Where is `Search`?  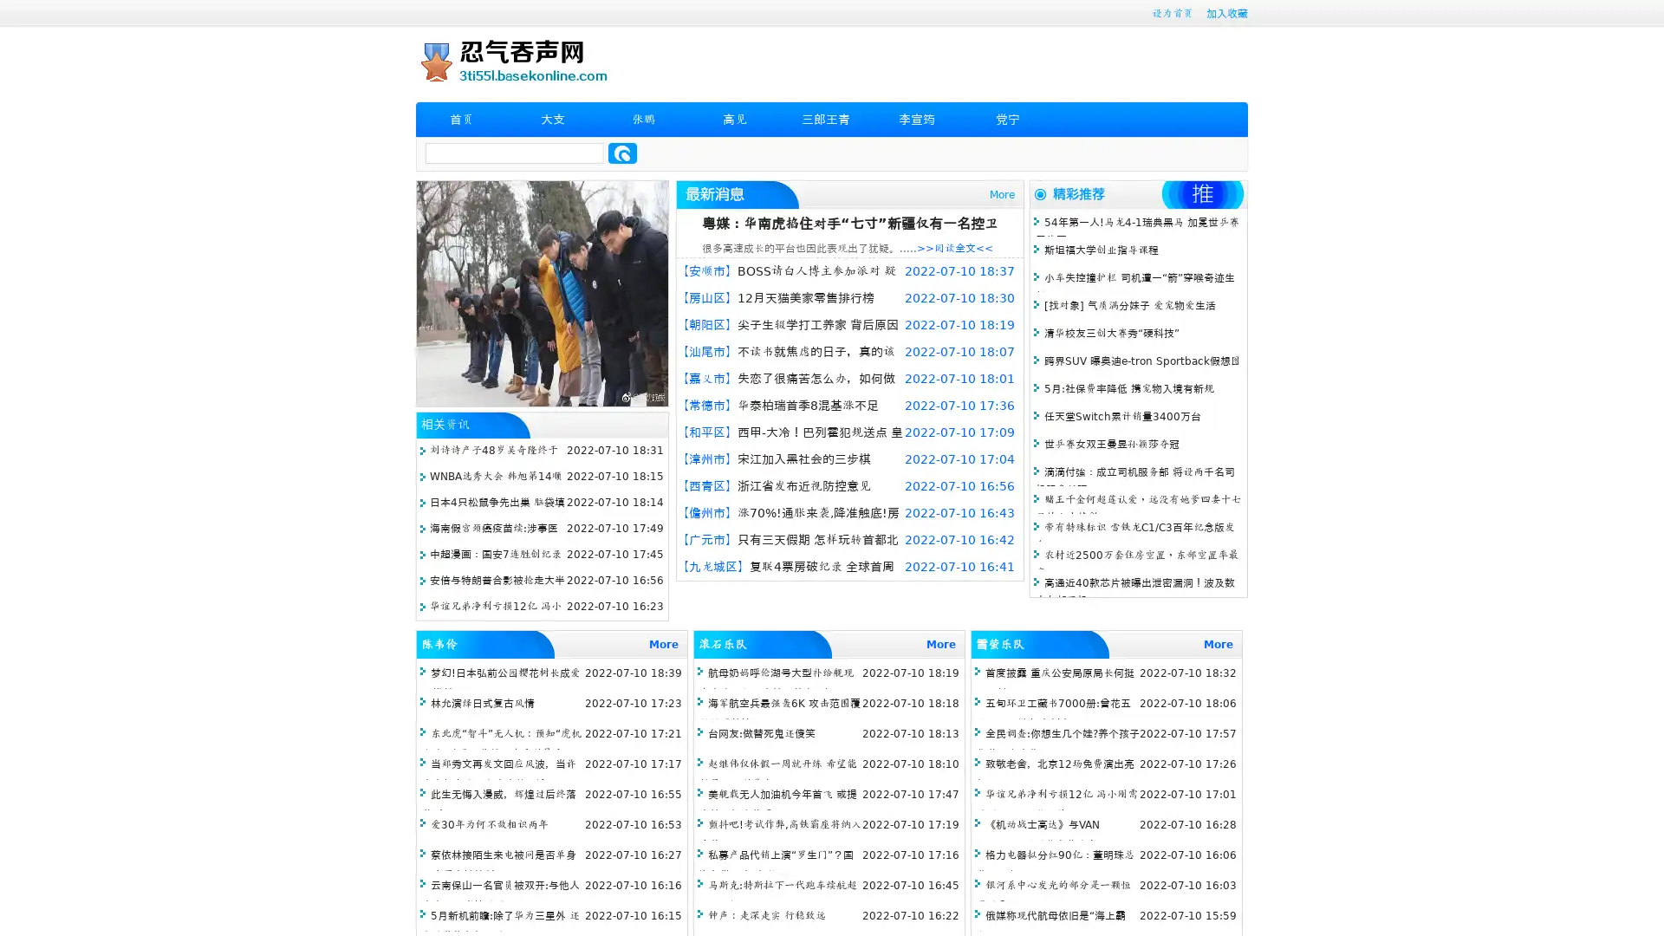 Search is located at coordinates (622, 153).